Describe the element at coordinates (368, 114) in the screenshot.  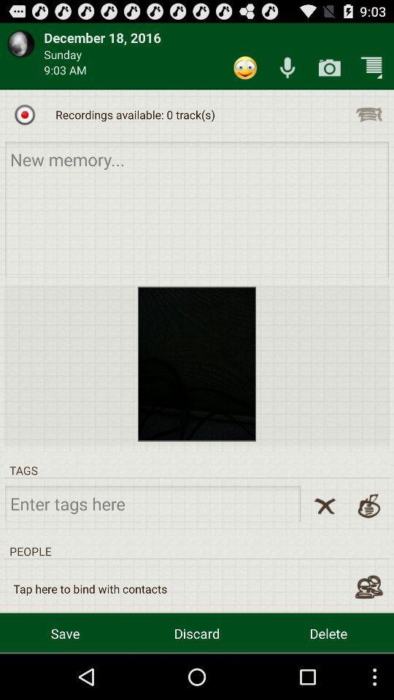
I see `item next to the recordings available 0 item` at that location.